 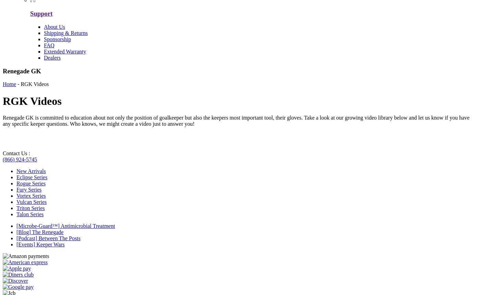 I want to click on 'Vulcan Series', so click(x=31, y=201).